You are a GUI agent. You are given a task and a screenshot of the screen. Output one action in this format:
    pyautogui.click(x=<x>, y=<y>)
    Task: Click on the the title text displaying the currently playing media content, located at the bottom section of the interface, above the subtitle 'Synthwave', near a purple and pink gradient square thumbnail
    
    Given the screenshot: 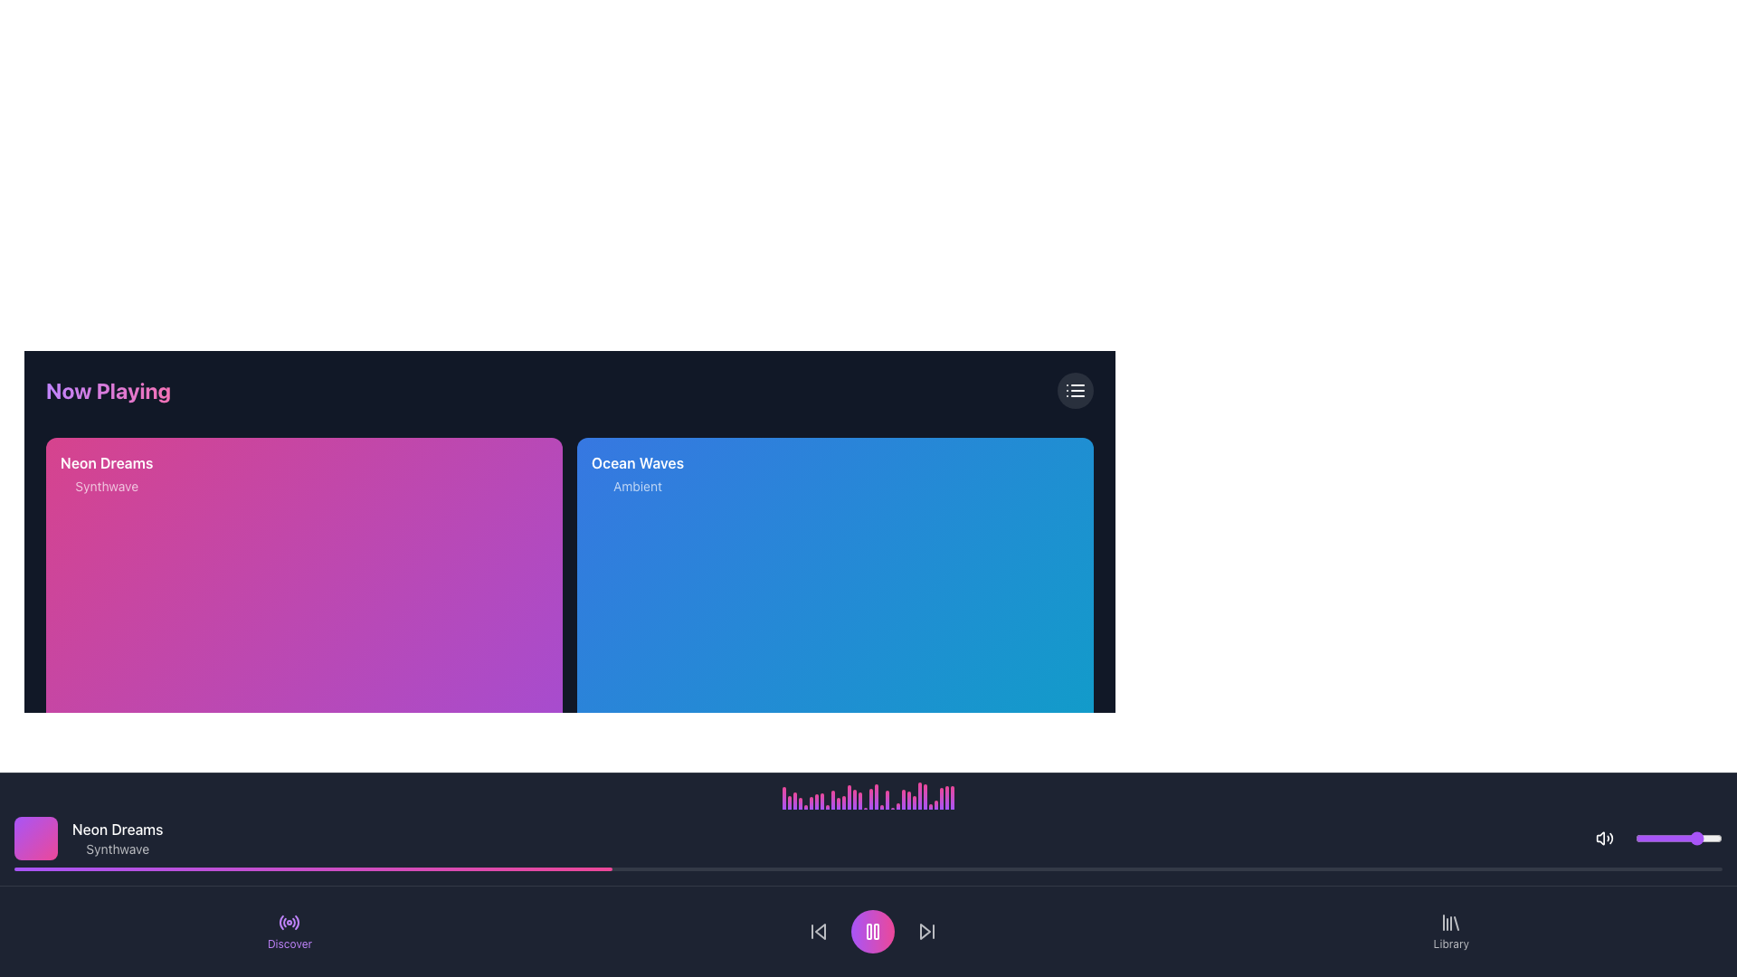 What is the action you would take?
    pyautogui.click(x=117, y=830)
    